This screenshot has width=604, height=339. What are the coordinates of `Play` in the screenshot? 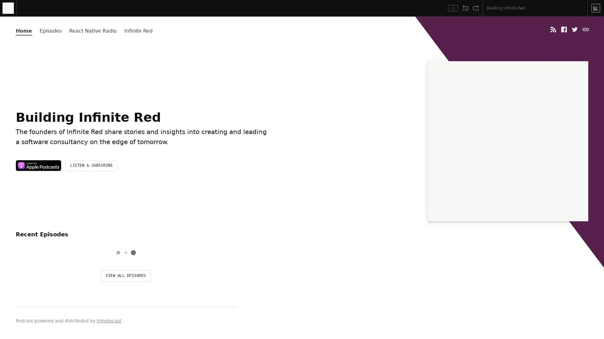 It's located at (23, 320).